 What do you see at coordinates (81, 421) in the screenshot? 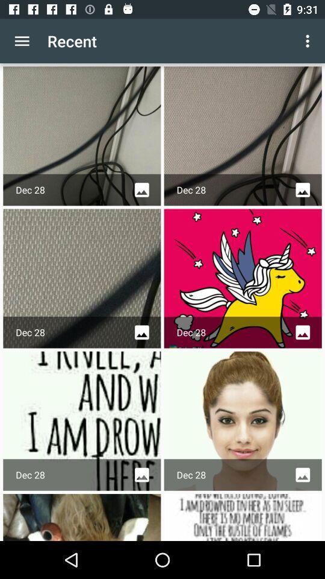
I see `the text image next to the face image` at bounding box center [81, 421].